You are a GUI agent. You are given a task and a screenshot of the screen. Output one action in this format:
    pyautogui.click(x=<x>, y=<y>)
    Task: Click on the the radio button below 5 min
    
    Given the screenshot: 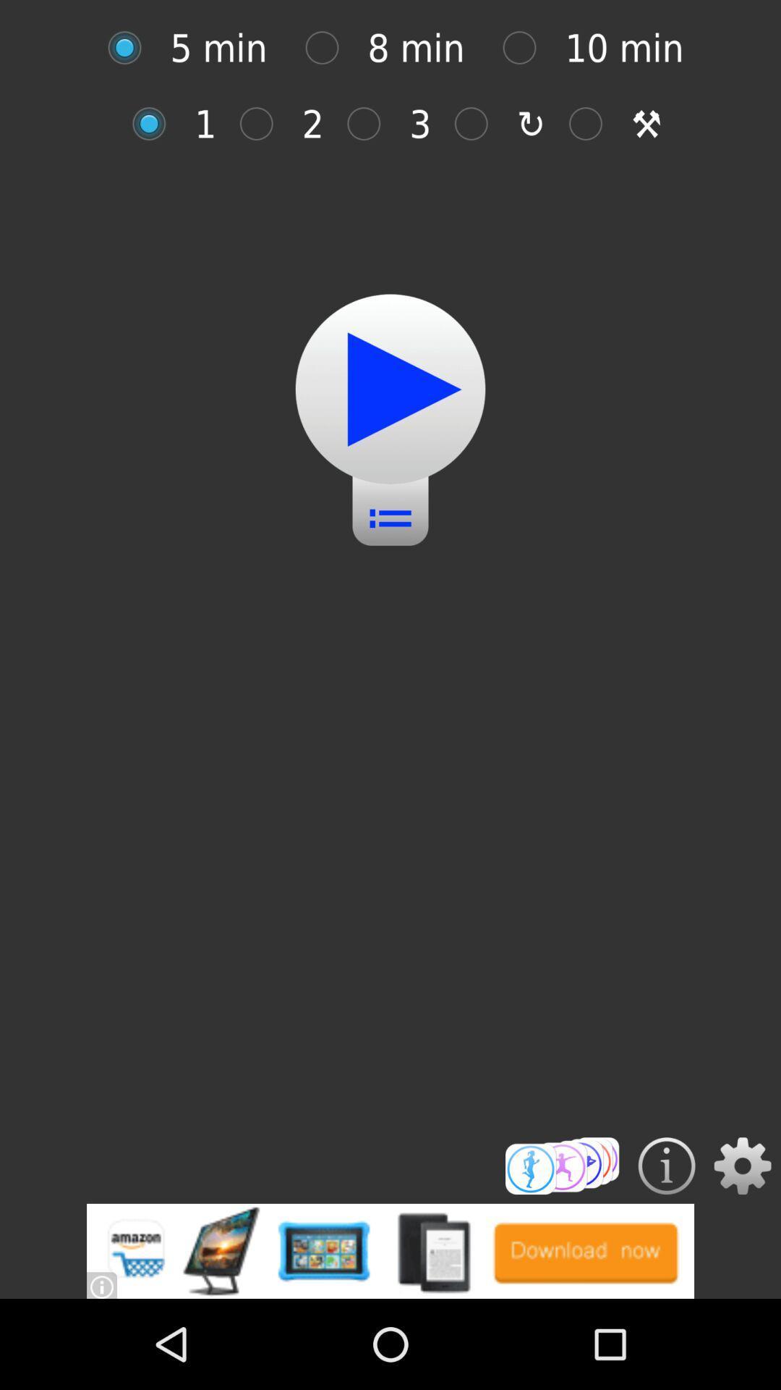 What is the action you would take?
    pyautogui.click(x=156, y=124)
    